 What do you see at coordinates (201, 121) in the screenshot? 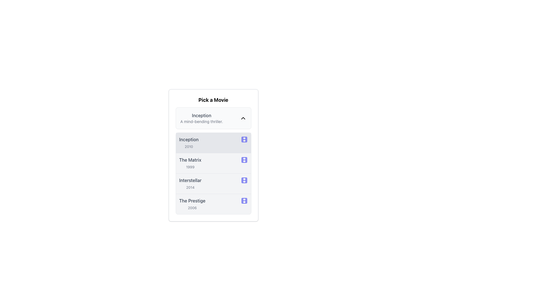
I see `the static text displaying 'A mind-bending thriller.' which is located directly below the title 'Inception.'` at bounding box center [201, 121].